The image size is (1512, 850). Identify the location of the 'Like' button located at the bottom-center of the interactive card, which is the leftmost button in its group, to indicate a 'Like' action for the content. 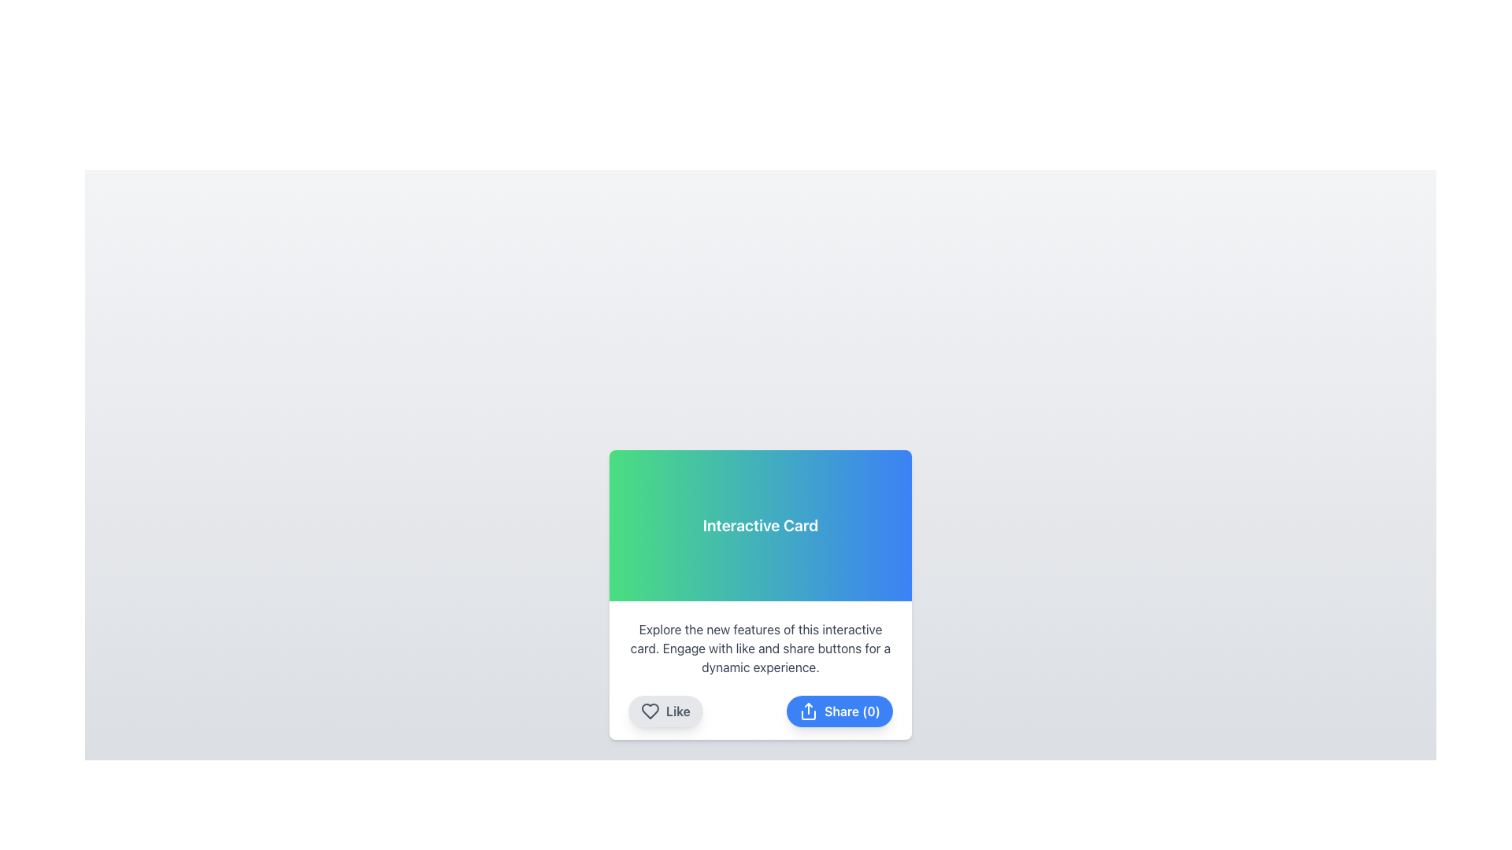
(665, 711).